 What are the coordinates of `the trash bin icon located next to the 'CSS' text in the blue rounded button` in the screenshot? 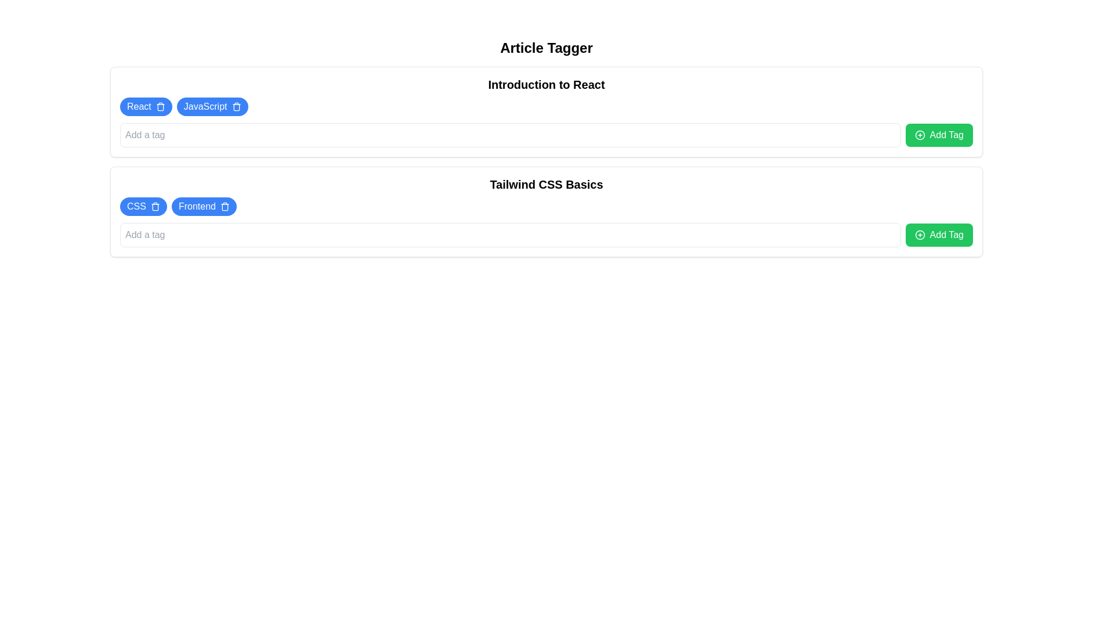 It's located at (154, 206).